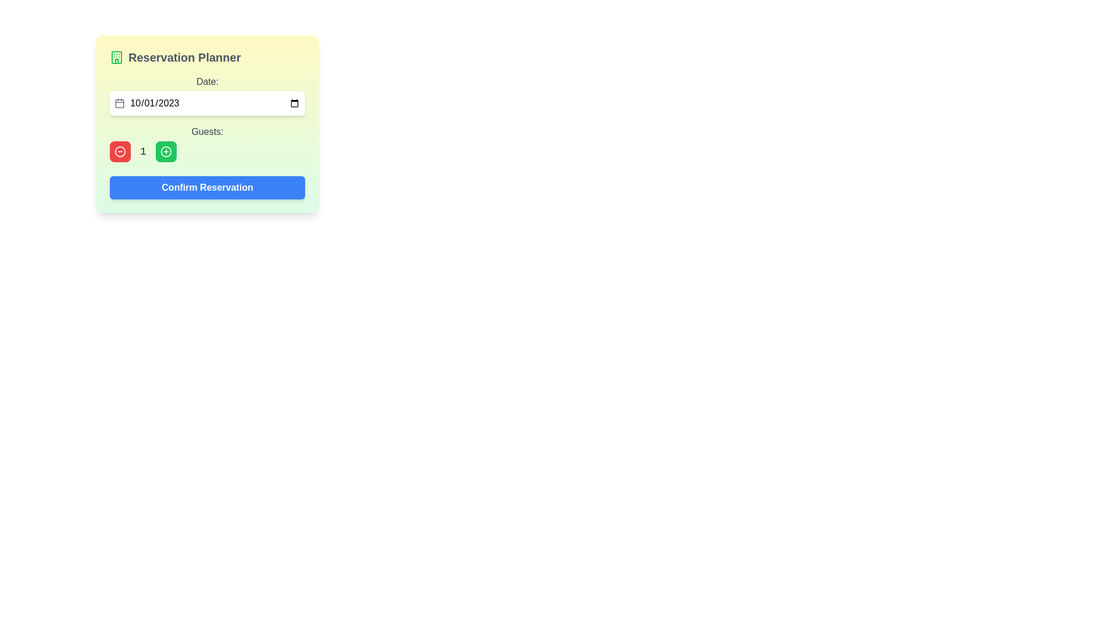 The image size is (1116, 628). I want to click on the green-colored building icon located to the left of the 'Reservation Planner' text, so click(117, 58).